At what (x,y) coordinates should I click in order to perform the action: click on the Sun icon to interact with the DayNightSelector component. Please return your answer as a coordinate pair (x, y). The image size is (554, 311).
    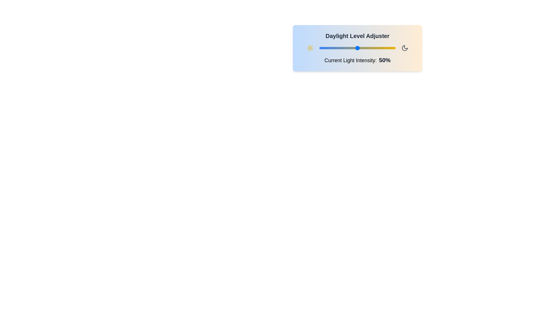
    Looking at the image, I should click on (310, 48).